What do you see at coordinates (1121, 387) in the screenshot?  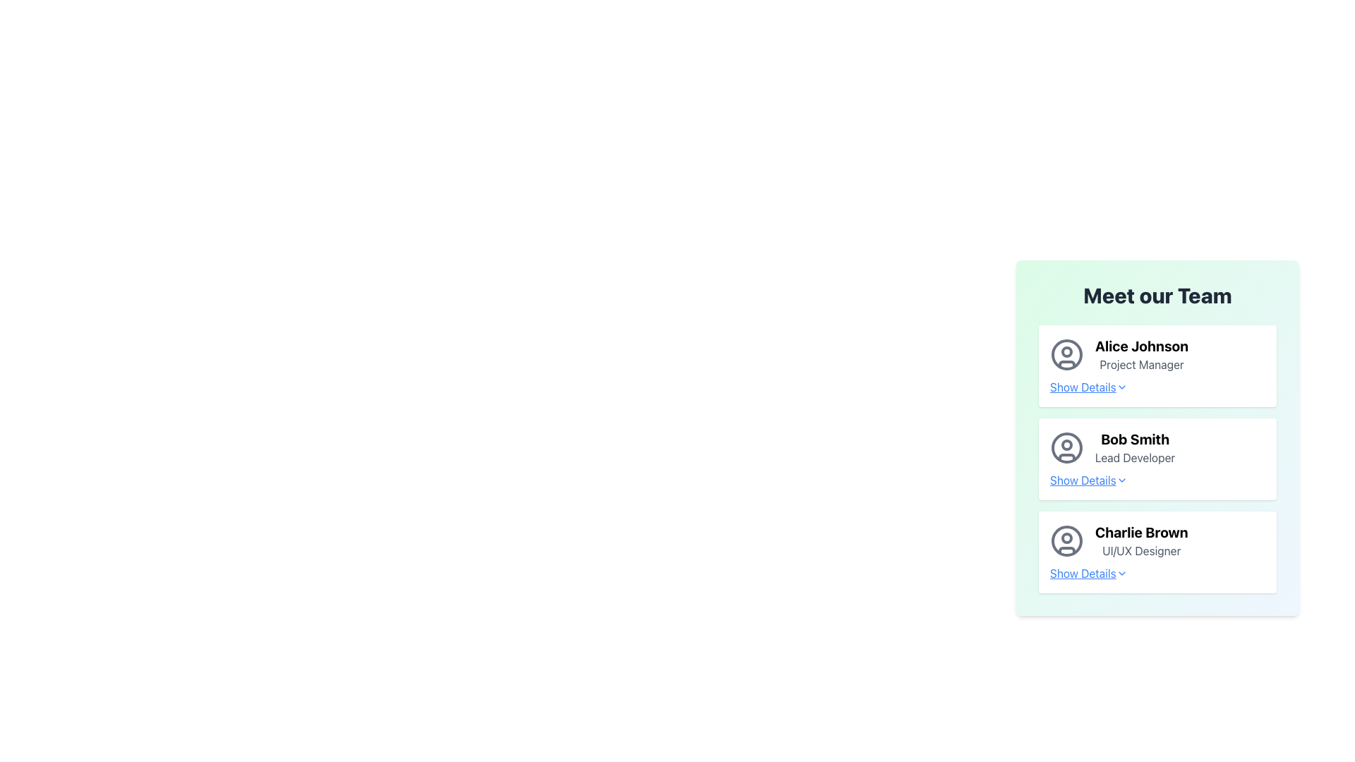 I see `the downwards-pointing chevron icon next to the 'Show Details' text link for Alice Johnson, Project Manager` at bounding box center [1121, 387].